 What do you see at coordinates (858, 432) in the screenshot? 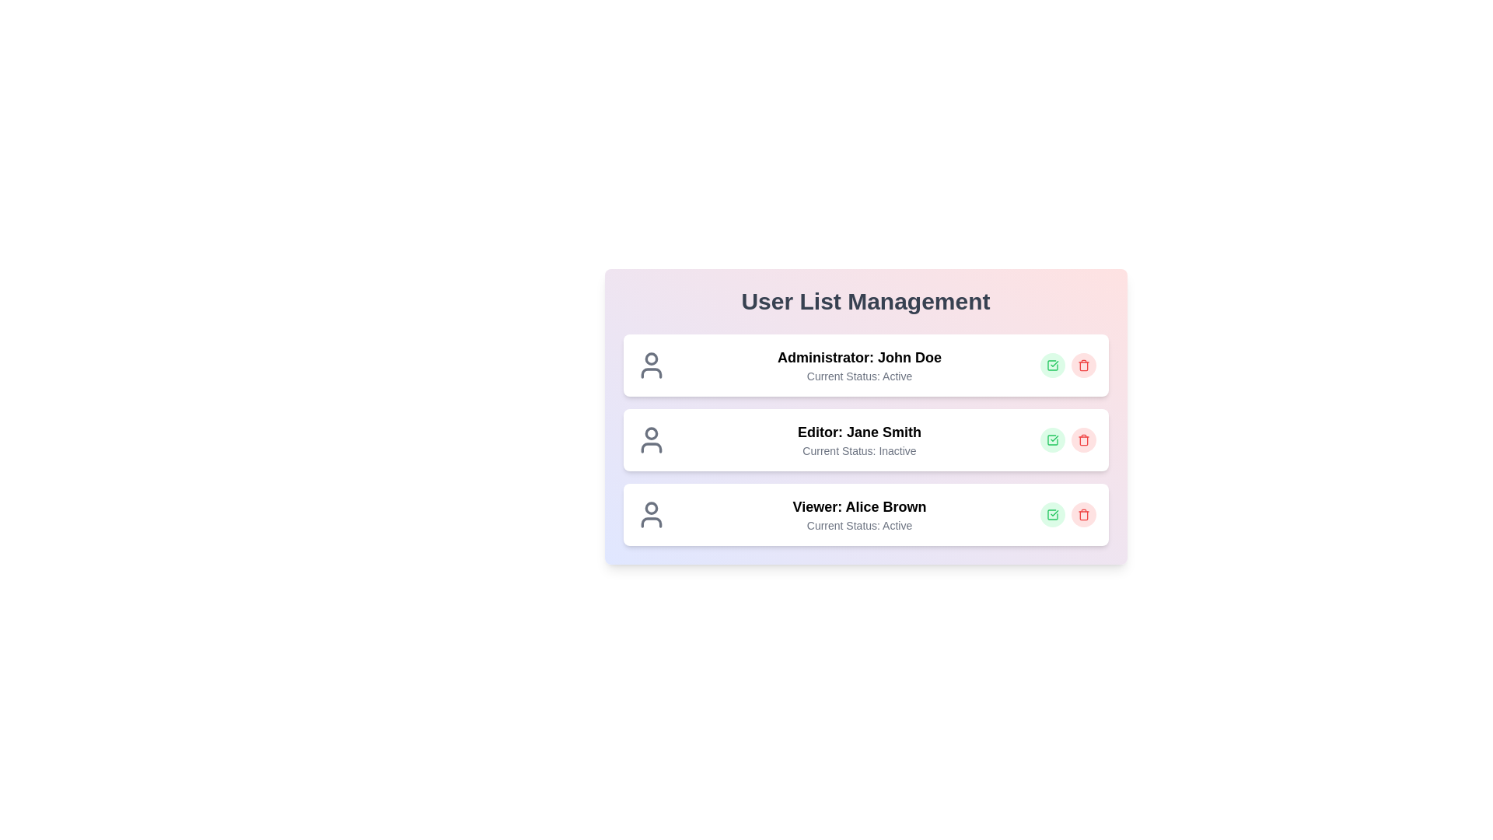
I see `the text label 'Editor: Jane Smith'` at bounding box center [858, 432].